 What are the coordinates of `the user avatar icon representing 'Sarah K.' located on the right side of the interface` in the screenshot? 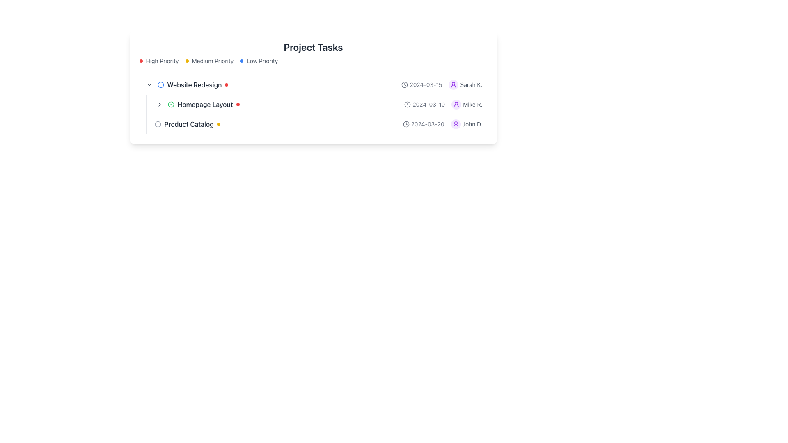 It's located at (453, 85).